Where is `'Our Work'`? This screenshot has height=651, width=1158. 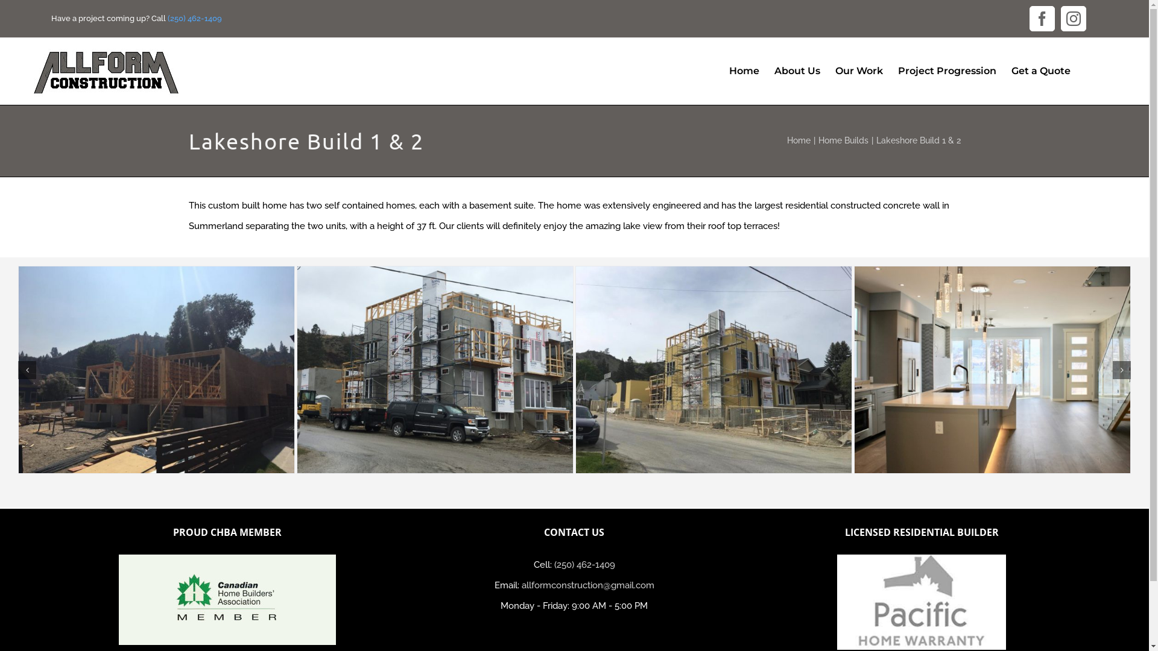
'Our Work' is located at coordinates (858, 71).